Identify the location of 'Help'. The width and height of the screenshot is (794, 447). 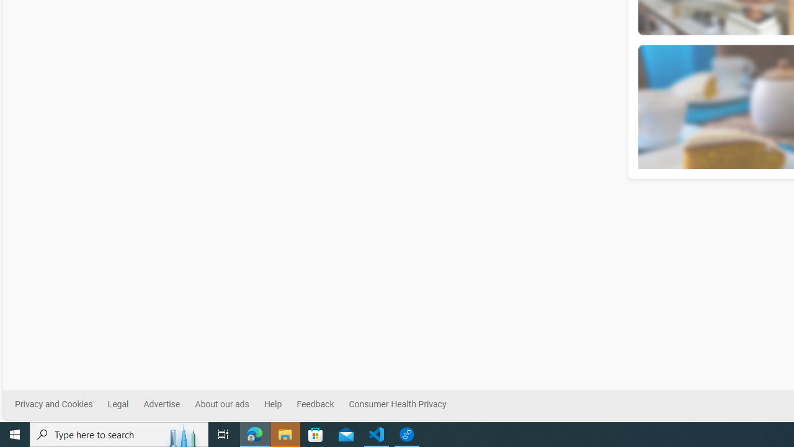
(272, 404).